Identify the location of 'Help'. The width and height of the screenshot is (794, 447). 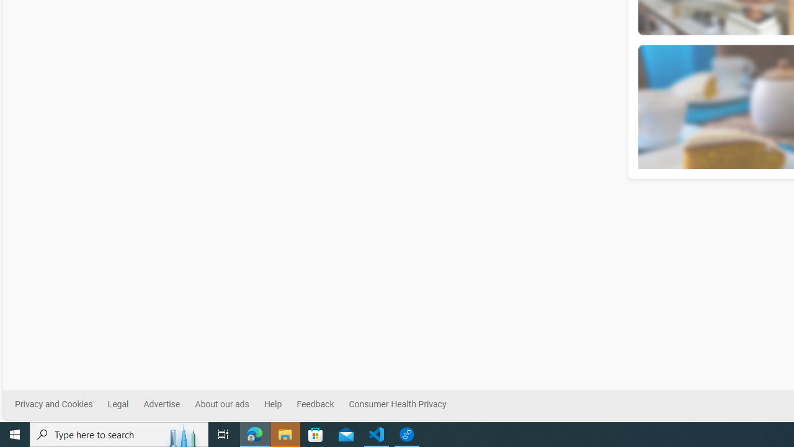
(272, 404).